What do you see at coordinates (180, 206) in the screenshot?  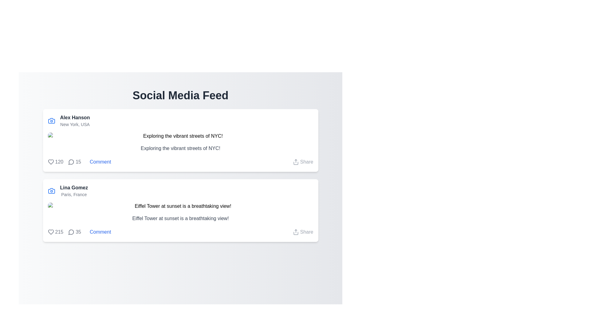 I see `the image in the second post attributed to Lina Gomez from Paris, France, which enhances the user's visual engagement with the post` at bounding box center [180, 206].